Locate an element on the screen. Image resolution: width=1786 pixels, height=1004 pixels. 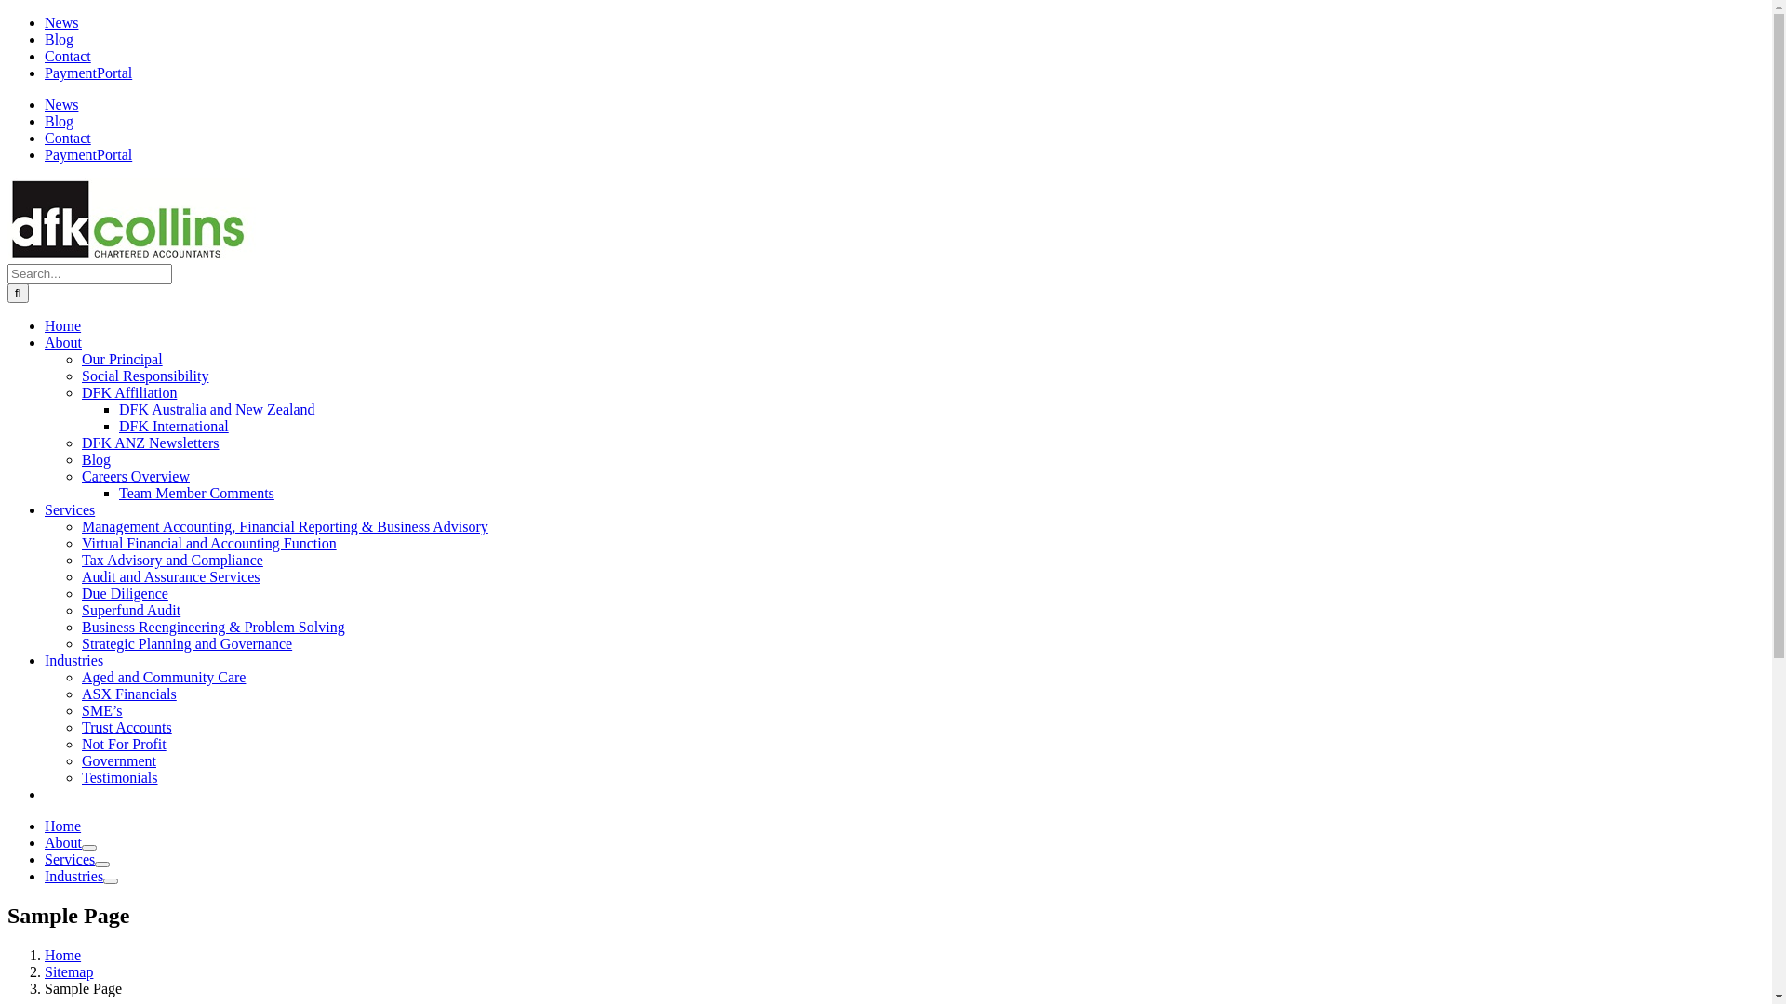
'Skip to content' is located at coordinates (7, 14).